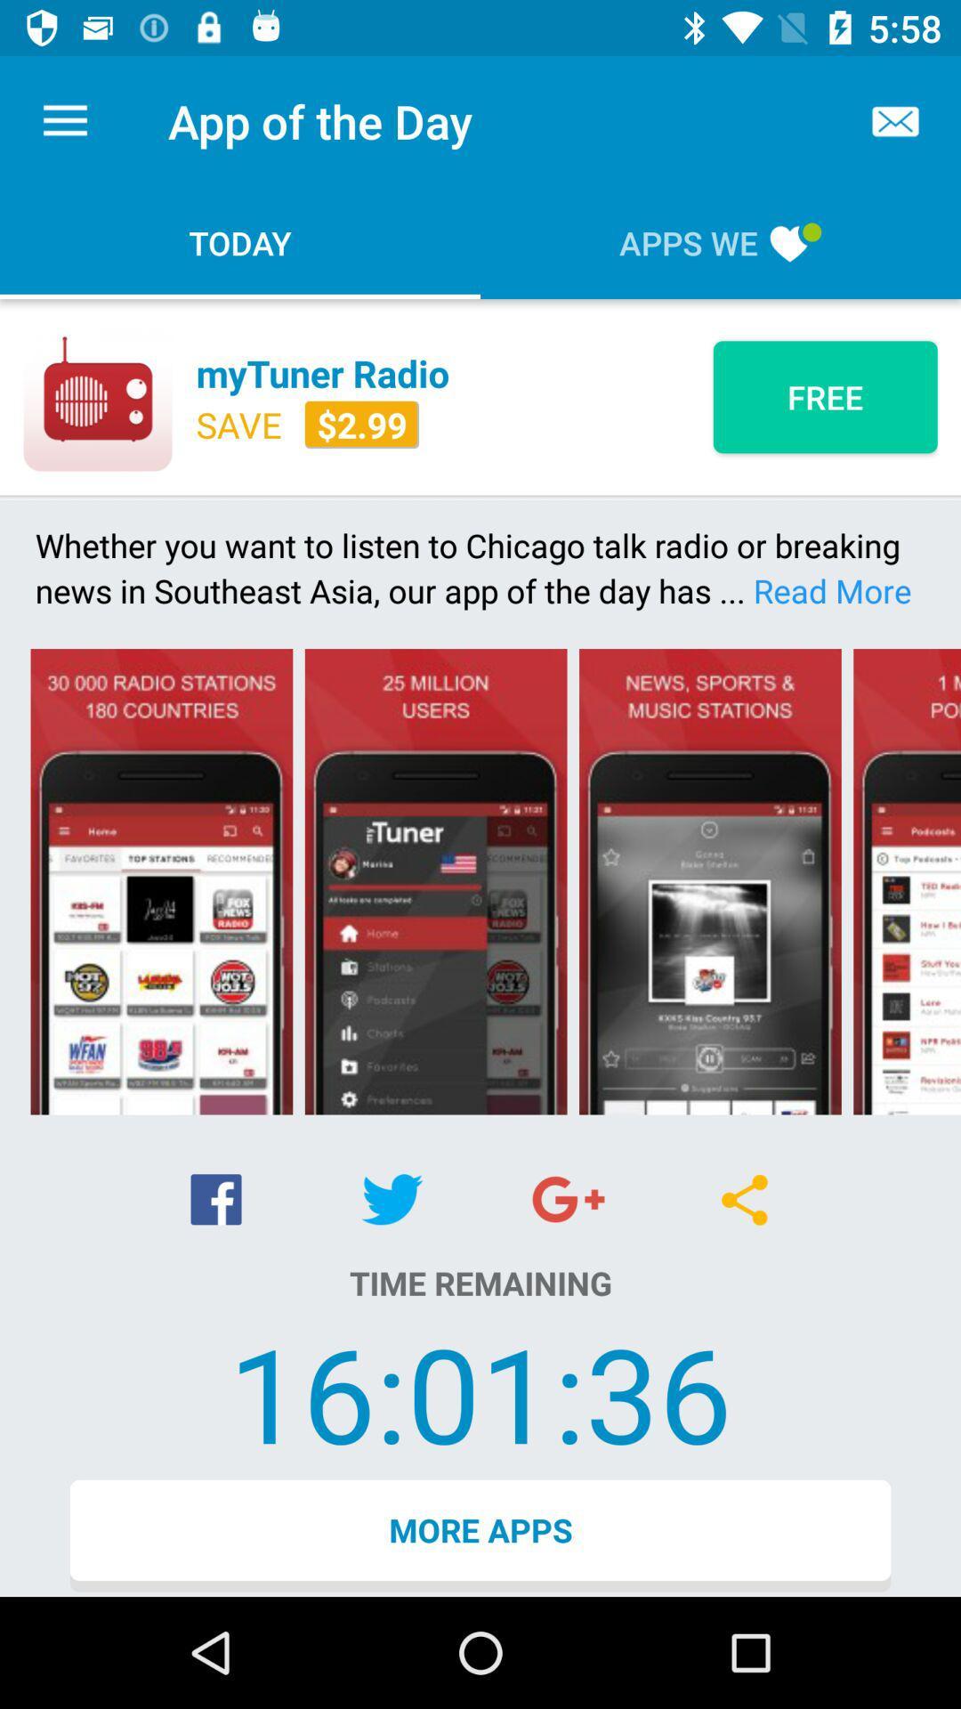 Image resolution: width=961 pixels, height=1709 pixels. What do you see at coordinates (215, 1199) in the screenshot?
I see `the facebook icon` at bounding box center [215, 1199].